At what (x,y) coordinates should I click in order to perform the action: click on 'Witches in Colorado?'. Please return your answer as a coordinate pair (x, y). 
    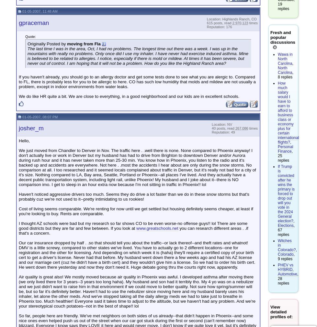
    Looking at the image, I should click on (277, 245).